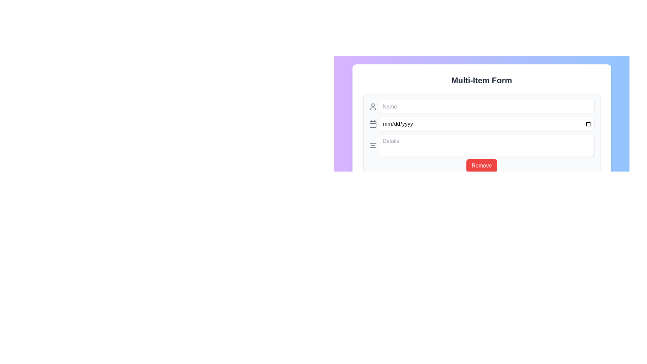 Image resolution: width=647 pixels, height=364 pixels. I want to click on the 'Remove' button, so click(481, 166).